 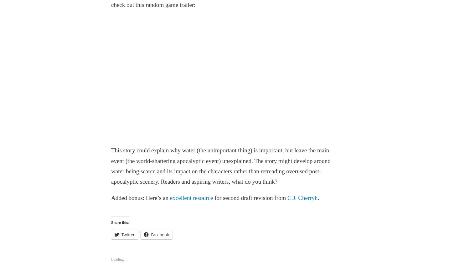 What do you see at coordinates (160, 234) in the screenshot?
I see `'Facebook'` at bounding box center [160, 234].